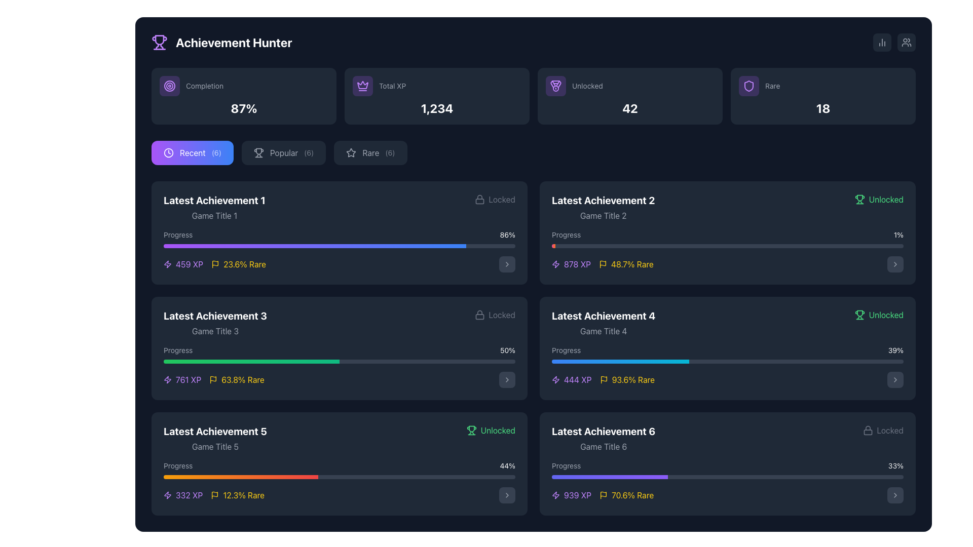 Image resolution: width=973 pixels, height=547 pixels. I want to click on the XP icon located in the bottom-right card labeled 'Latest Achievement 4', which is positioned to the left of the text '444 XP', so click(555, 379).